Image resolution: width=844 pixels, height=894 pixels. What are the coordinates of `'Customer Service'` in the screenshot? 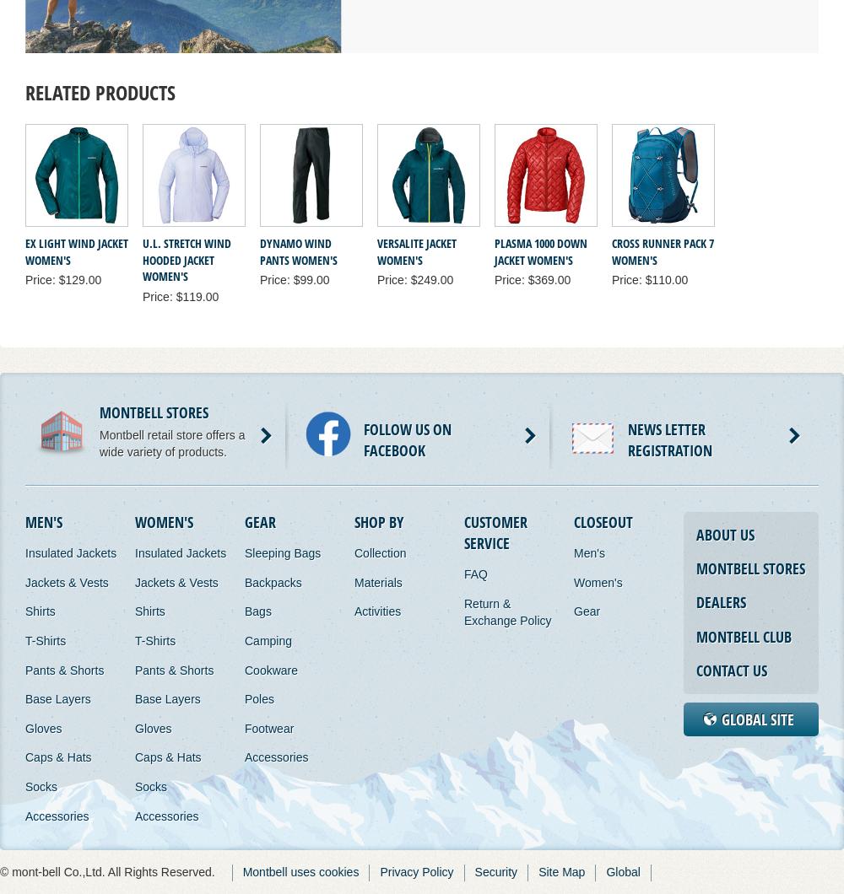 It's located at (495, 532).